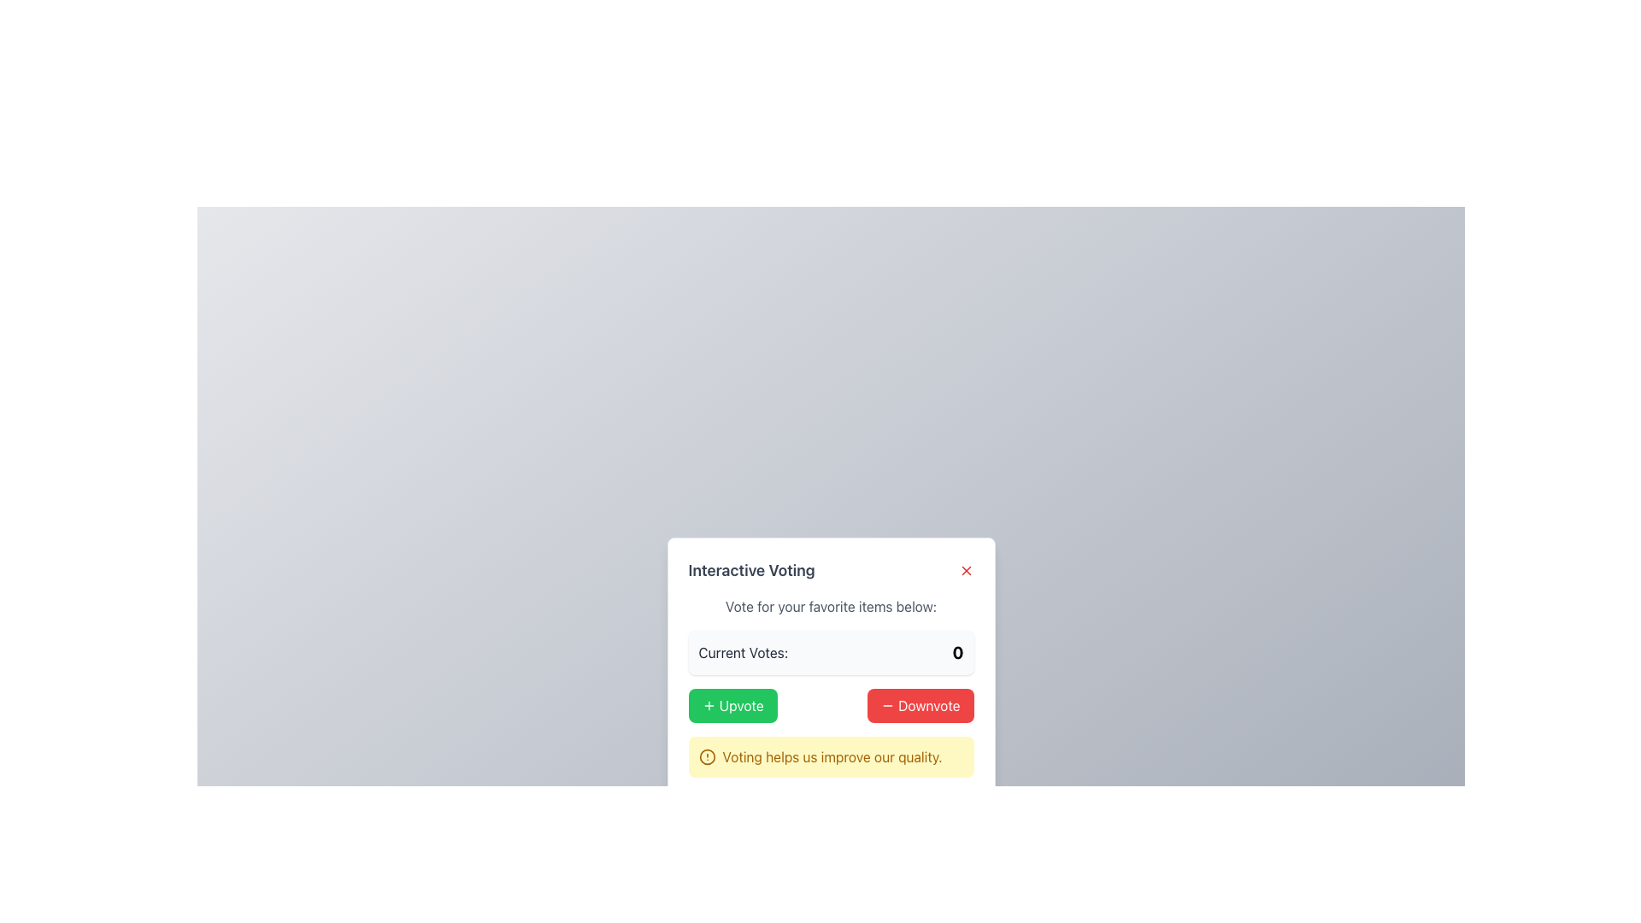 Image resolution: width=1641 pixels, height=923 pixels. Describe the element at coordinates (732, 705) in the screenshot. I see `the '+ Upvote' button with a green background and white text for keyboard navigation, located in the 'Interactive Voting' section of the modal interface` at that location.